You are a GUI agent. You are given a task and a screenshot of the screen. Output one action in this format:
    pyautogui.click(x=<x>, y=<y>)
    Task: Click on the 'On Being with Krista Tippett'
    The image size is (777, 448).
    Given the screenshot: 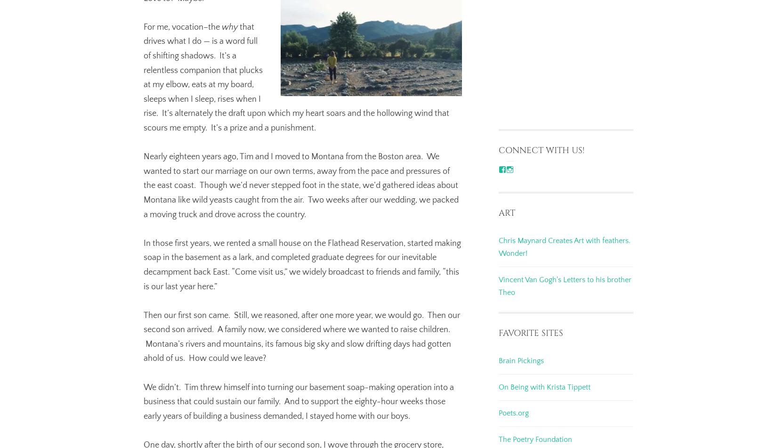 What is the action you would take?
    pyautogui.click(x=544, y=386)
    